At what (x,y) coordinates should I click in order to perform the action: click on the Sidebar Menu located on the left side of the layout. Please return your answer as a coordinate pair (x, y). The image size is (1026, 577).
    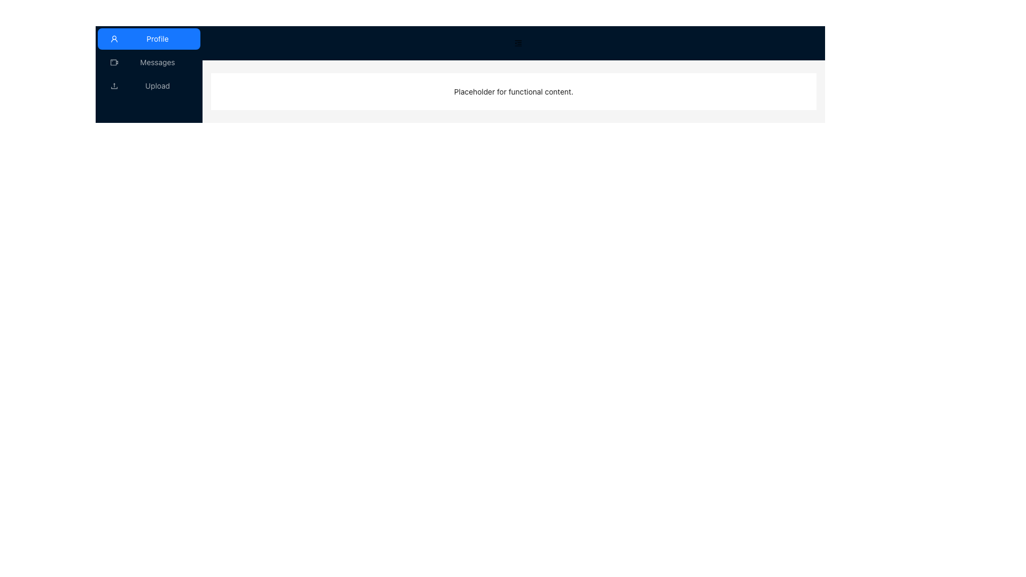
    Looking at the image, I should click on (148, 73).